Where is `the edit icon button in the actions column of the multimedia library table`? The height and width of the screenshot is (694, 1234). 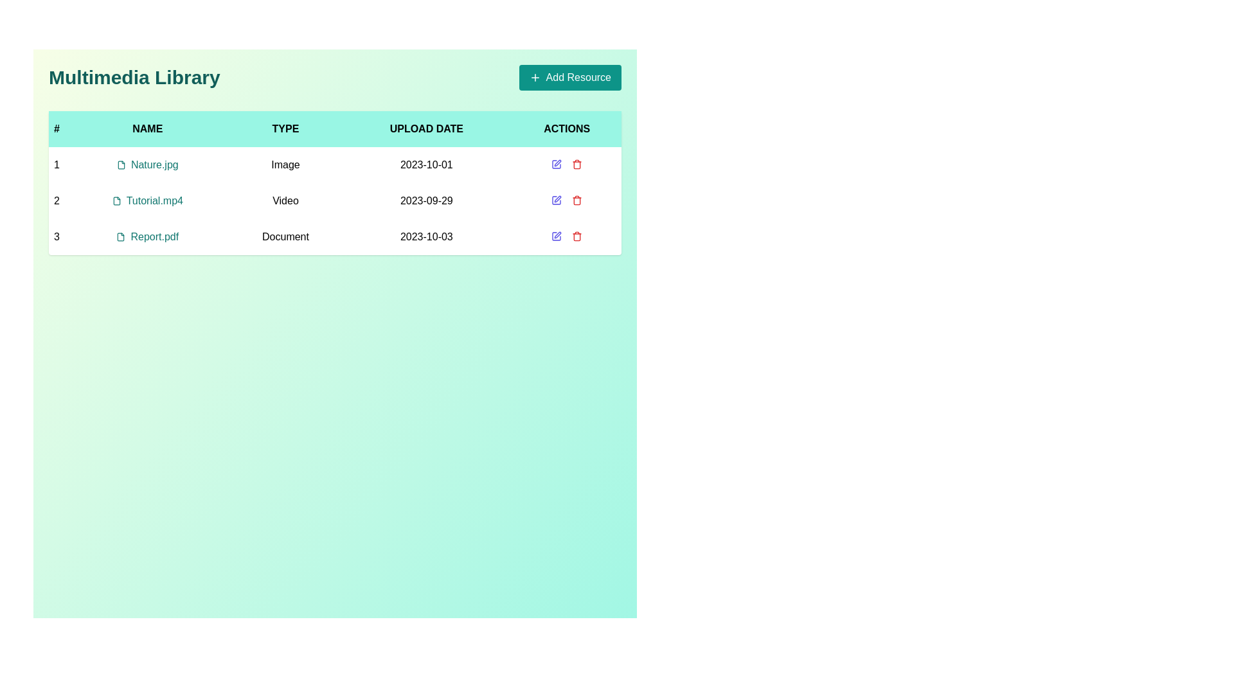
the edit icon button in the actions column of the multimedia library table is located at coordinates (557, 236).